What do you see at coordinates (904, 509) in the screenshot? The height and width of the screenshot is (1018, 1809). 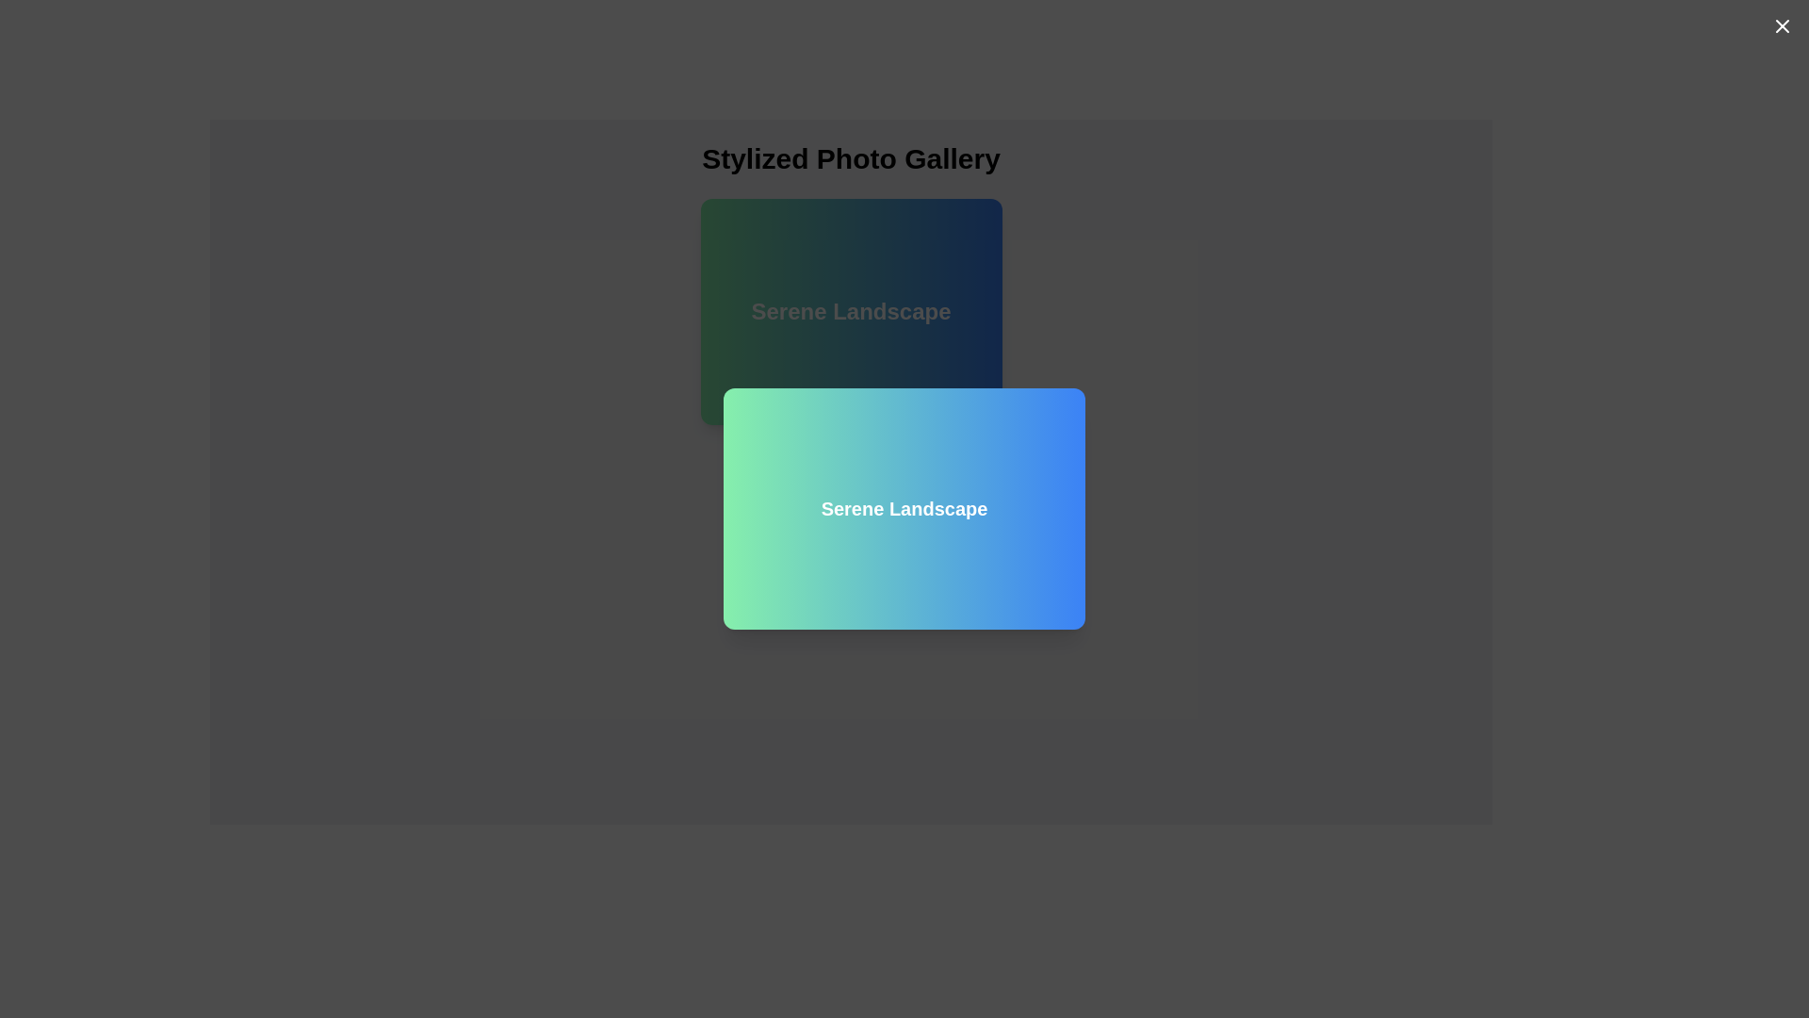 I see `the Interactive visual card displaying 'Serene Landscape', which is the largest and most visually distinct element in its modal layout` at bounding box center [904, 509].